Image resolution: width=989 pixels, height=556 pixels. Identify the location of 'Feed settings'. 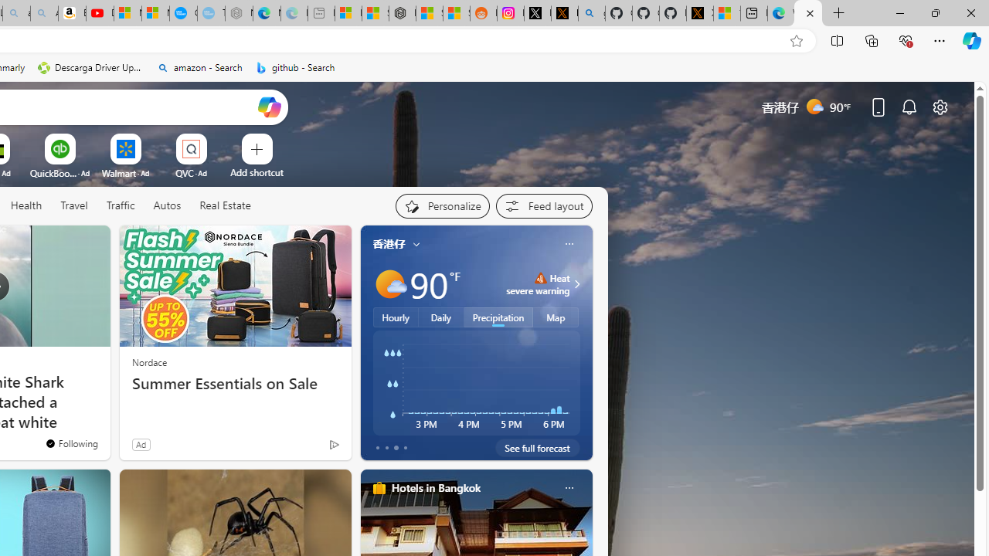
(544, 205).